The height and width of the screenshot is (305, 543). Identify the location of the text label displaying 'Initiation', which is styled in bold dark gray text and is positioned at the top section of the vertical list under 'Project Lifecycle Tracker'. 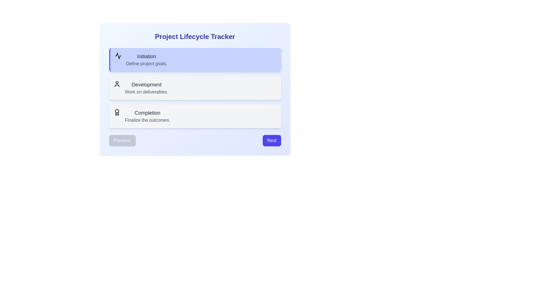
(146, 56).